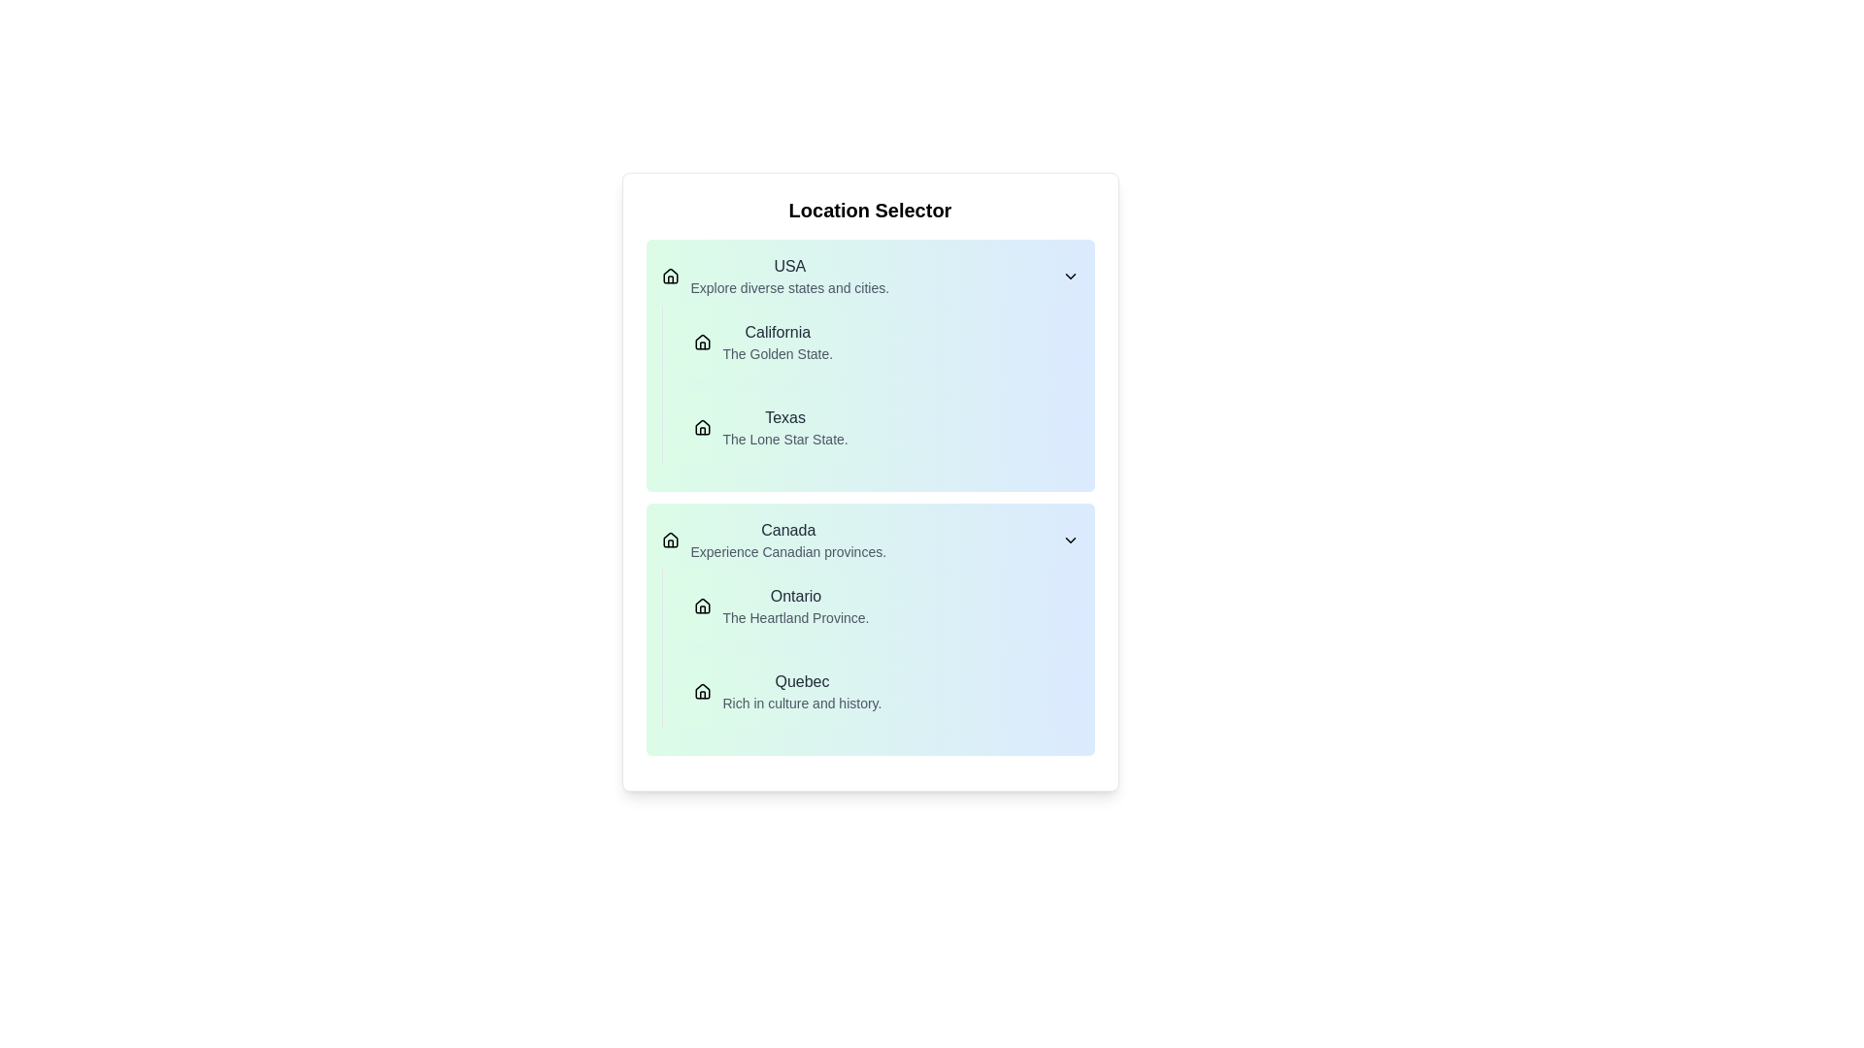 Image resolution: width=1864 pixels, height=1048 pixels. What do you see at coordinates (701, 690) in the screenshot?
I see `the visual indicator icon for the 'Quebec' section, located next to the text 'Quebec'` at bounding box center [701, 690].